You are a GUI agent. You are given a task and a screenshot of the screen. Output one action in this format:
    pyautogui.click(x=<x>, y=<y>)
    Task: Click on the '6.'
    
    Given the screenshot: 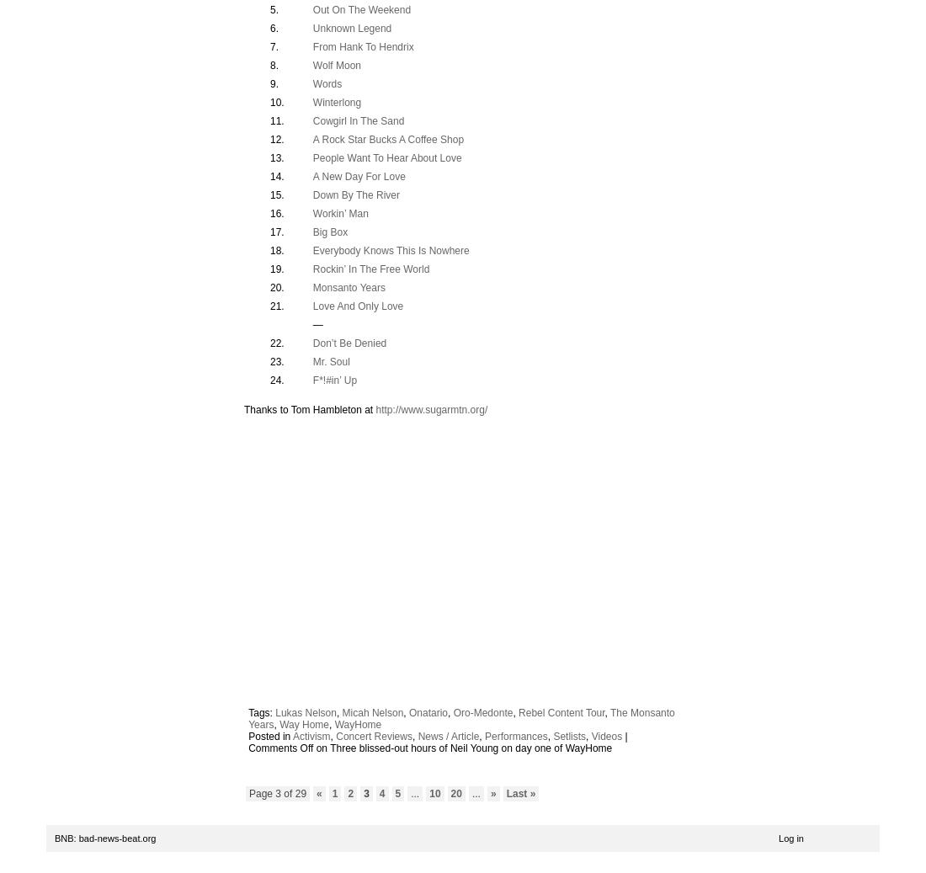 What is the action you would take?
    pyautogui.click(x=274, y=26)
    